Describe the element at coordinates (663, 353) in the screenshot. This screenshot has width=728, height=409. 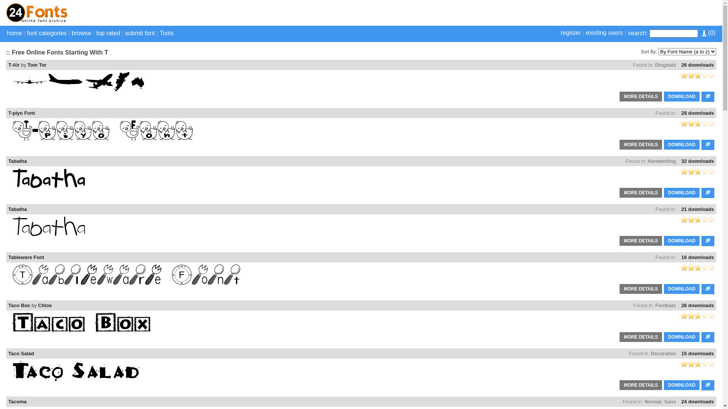
I see `'Decorative'` at that location.